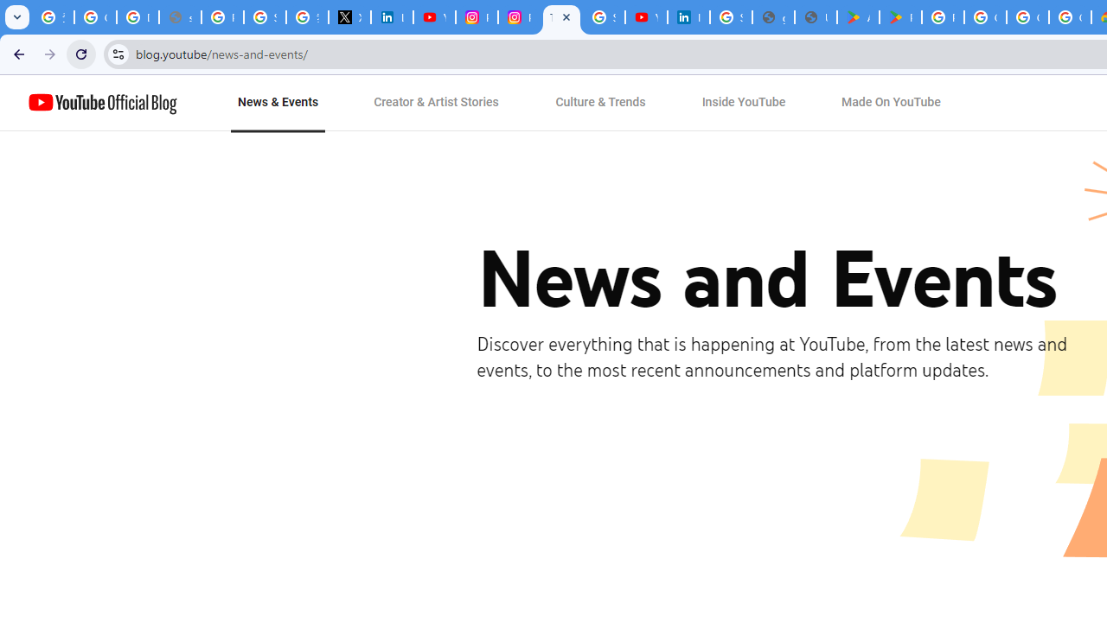  Describe the element at coordinates (434, 17) in the screenshot. I see `'YouTube Content Monetization Policies - How YouTube Works'` at that location.